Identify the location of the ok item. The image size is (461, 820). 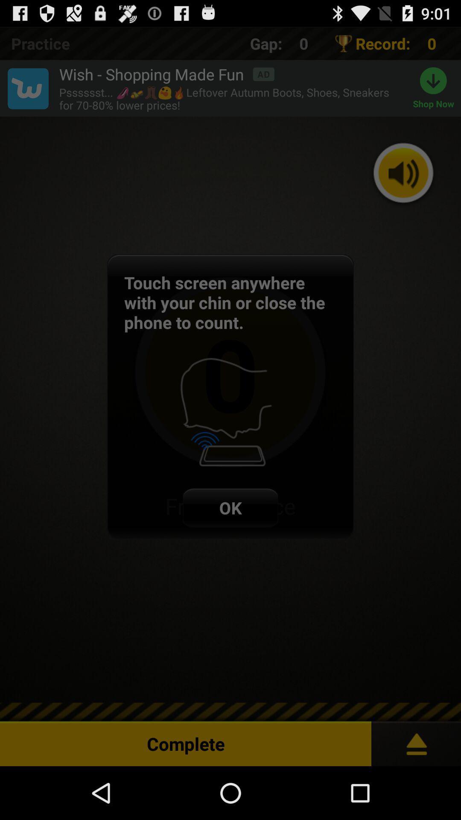
(230, 508).